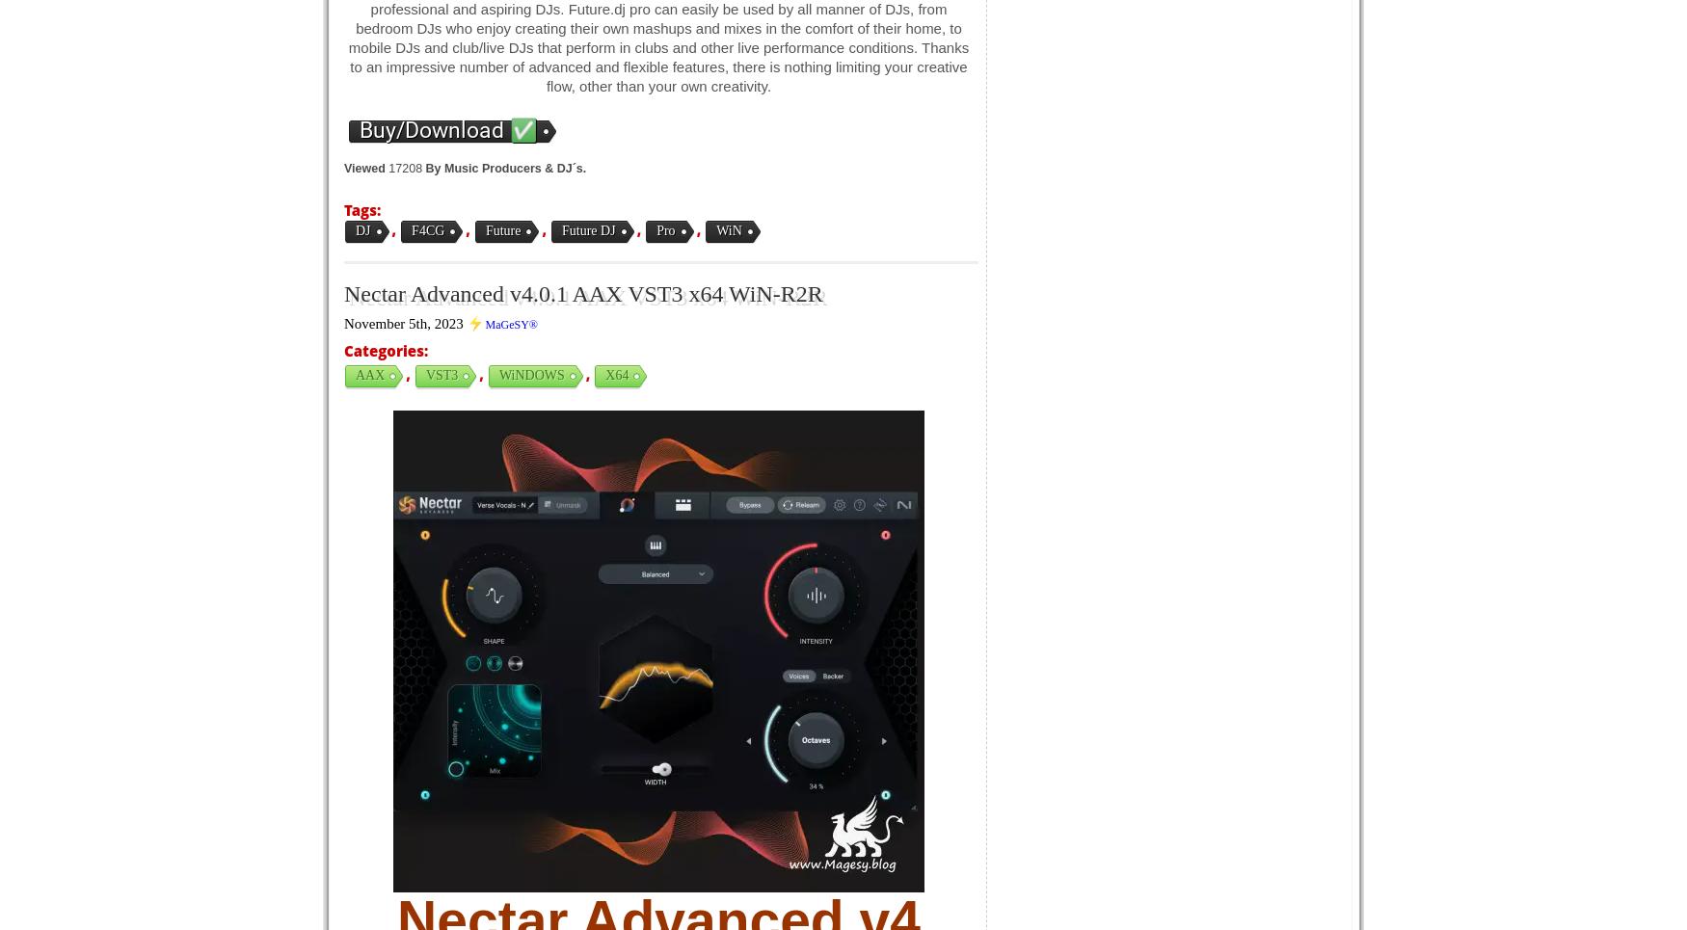  Describe the element at coordinates (615, 374) in the screenshot. I see `'x64'` at that location.